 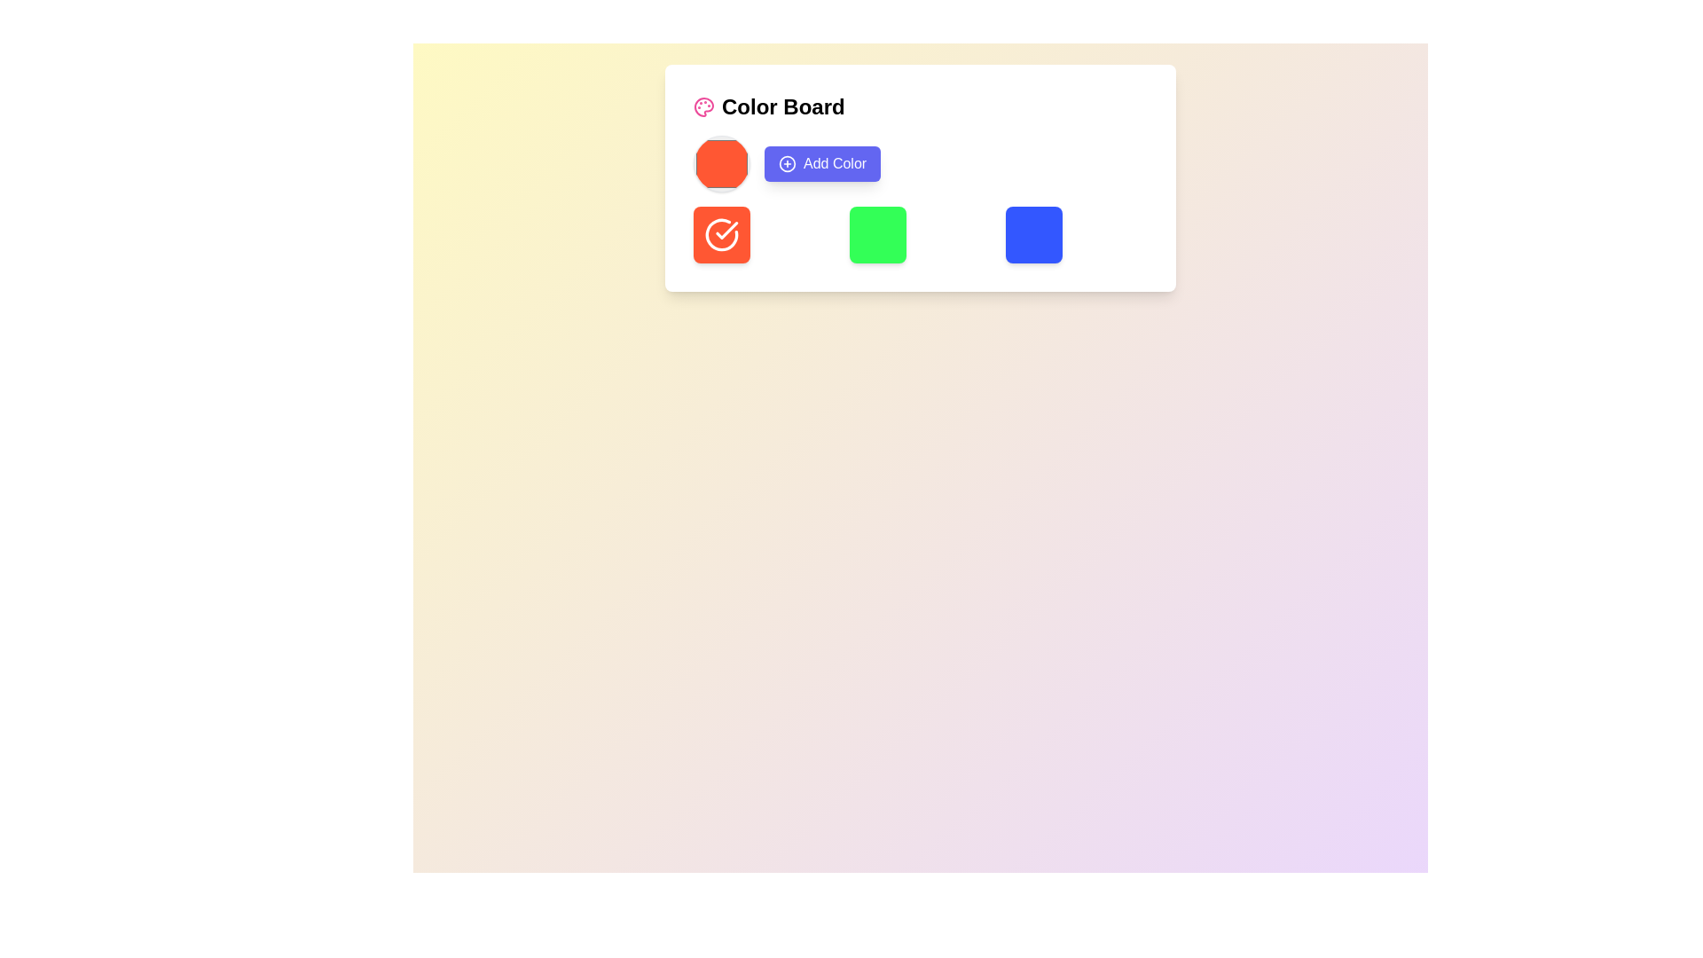 I want to click on the decorative square with rounded corners and a bright green background, so click(x=877, y=234).